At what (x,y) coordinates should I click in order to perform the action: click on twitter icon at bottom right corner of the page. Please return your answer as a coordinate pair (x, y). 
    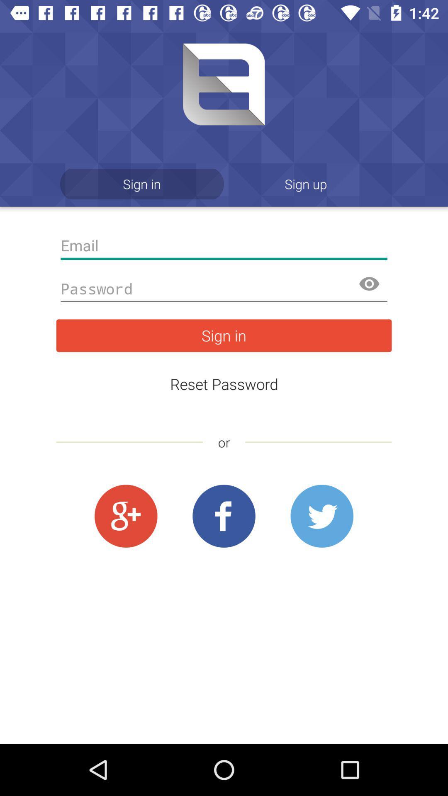
    Looking at the image, I should click on (321, 516).